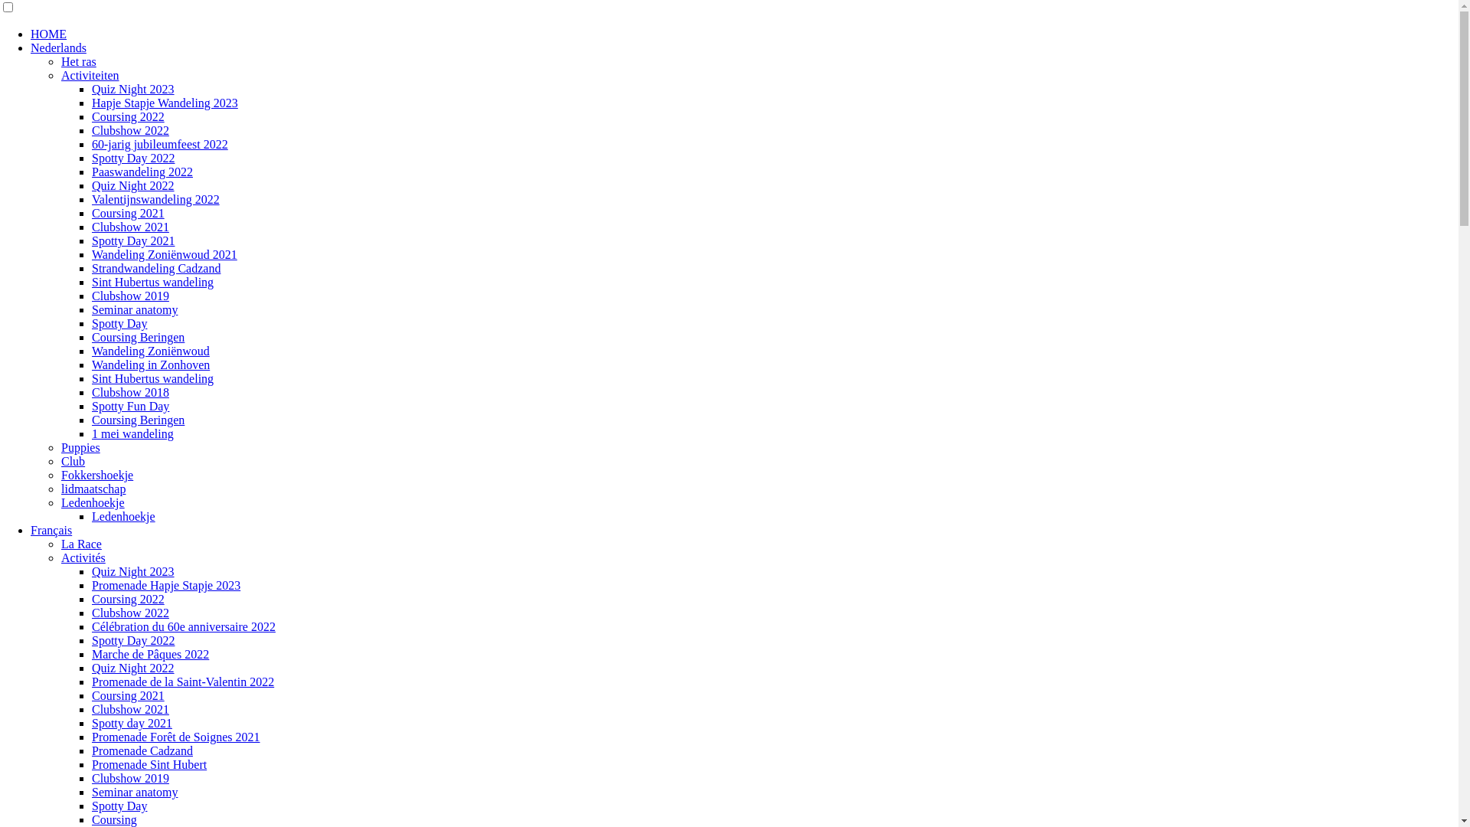 This screenshot has height=827, width=1470. I want to click on 'Seminar anatomy', so click(91, 792).